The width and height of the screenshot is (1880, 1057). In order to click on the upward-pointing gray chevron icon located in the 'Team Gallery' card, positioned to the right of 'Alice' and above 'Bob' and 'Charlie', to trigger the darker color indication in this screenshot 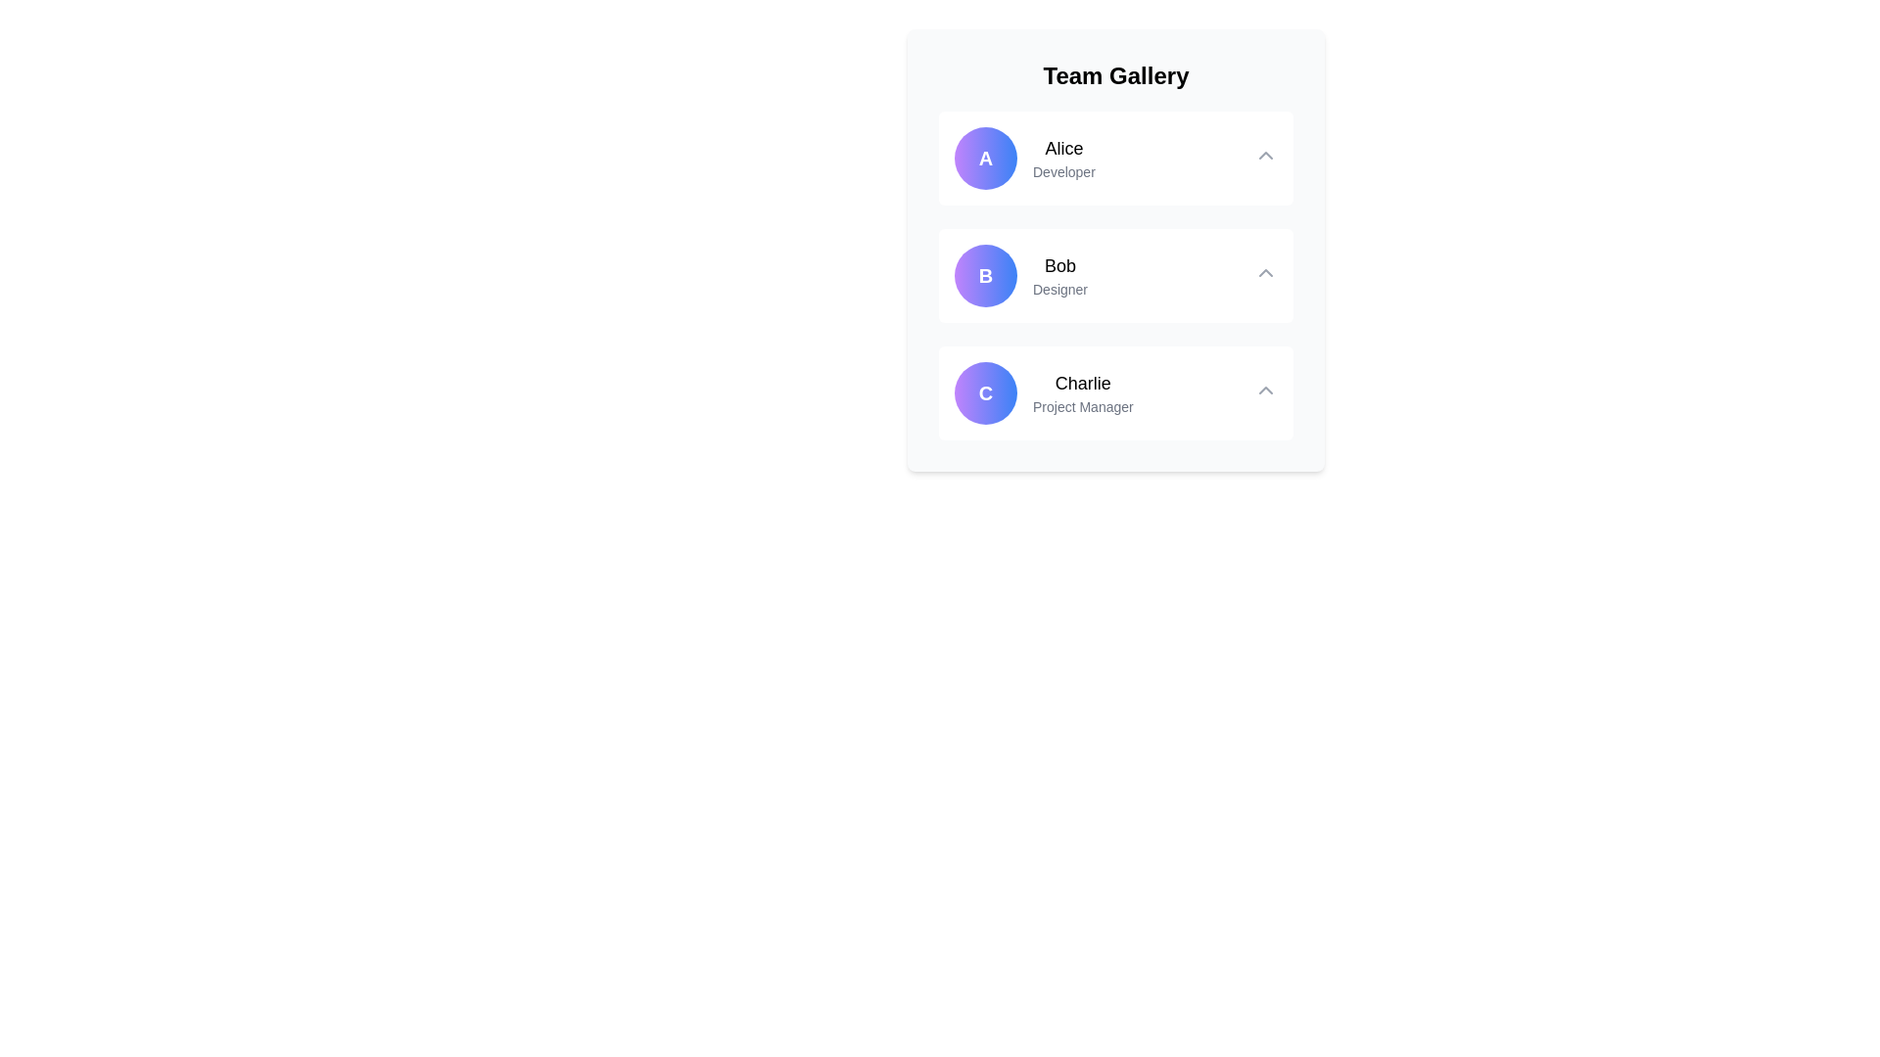, I will do `click(1265, 154)`.